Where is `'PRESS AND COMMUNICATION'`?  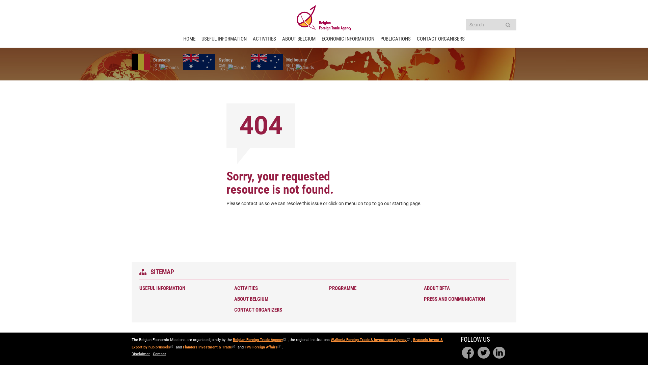
'PRESS AND COMMUNICATION' is located at coordinates (424, 299).